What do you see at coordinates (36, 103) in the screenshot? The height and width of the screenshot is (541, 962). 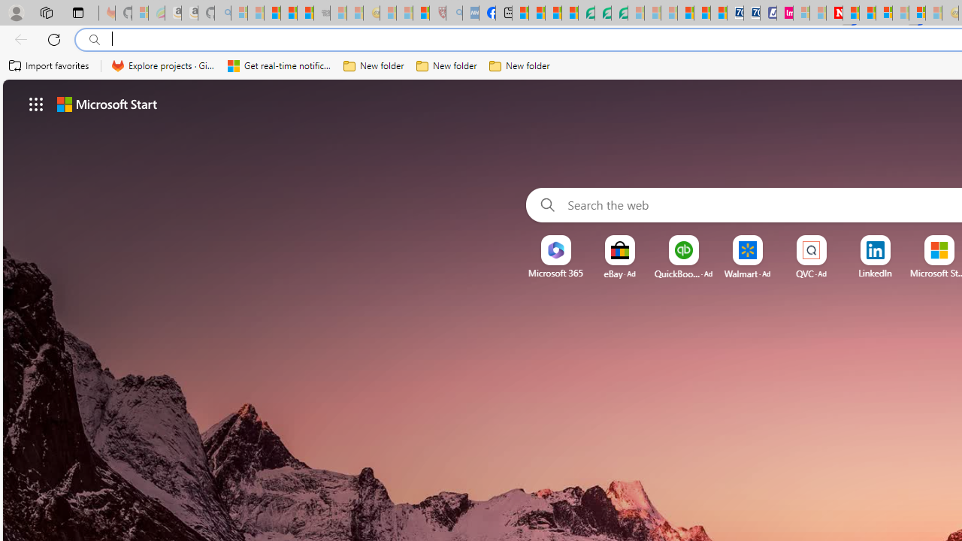 I see `'App launcher'` at bounding box center [36, 103].